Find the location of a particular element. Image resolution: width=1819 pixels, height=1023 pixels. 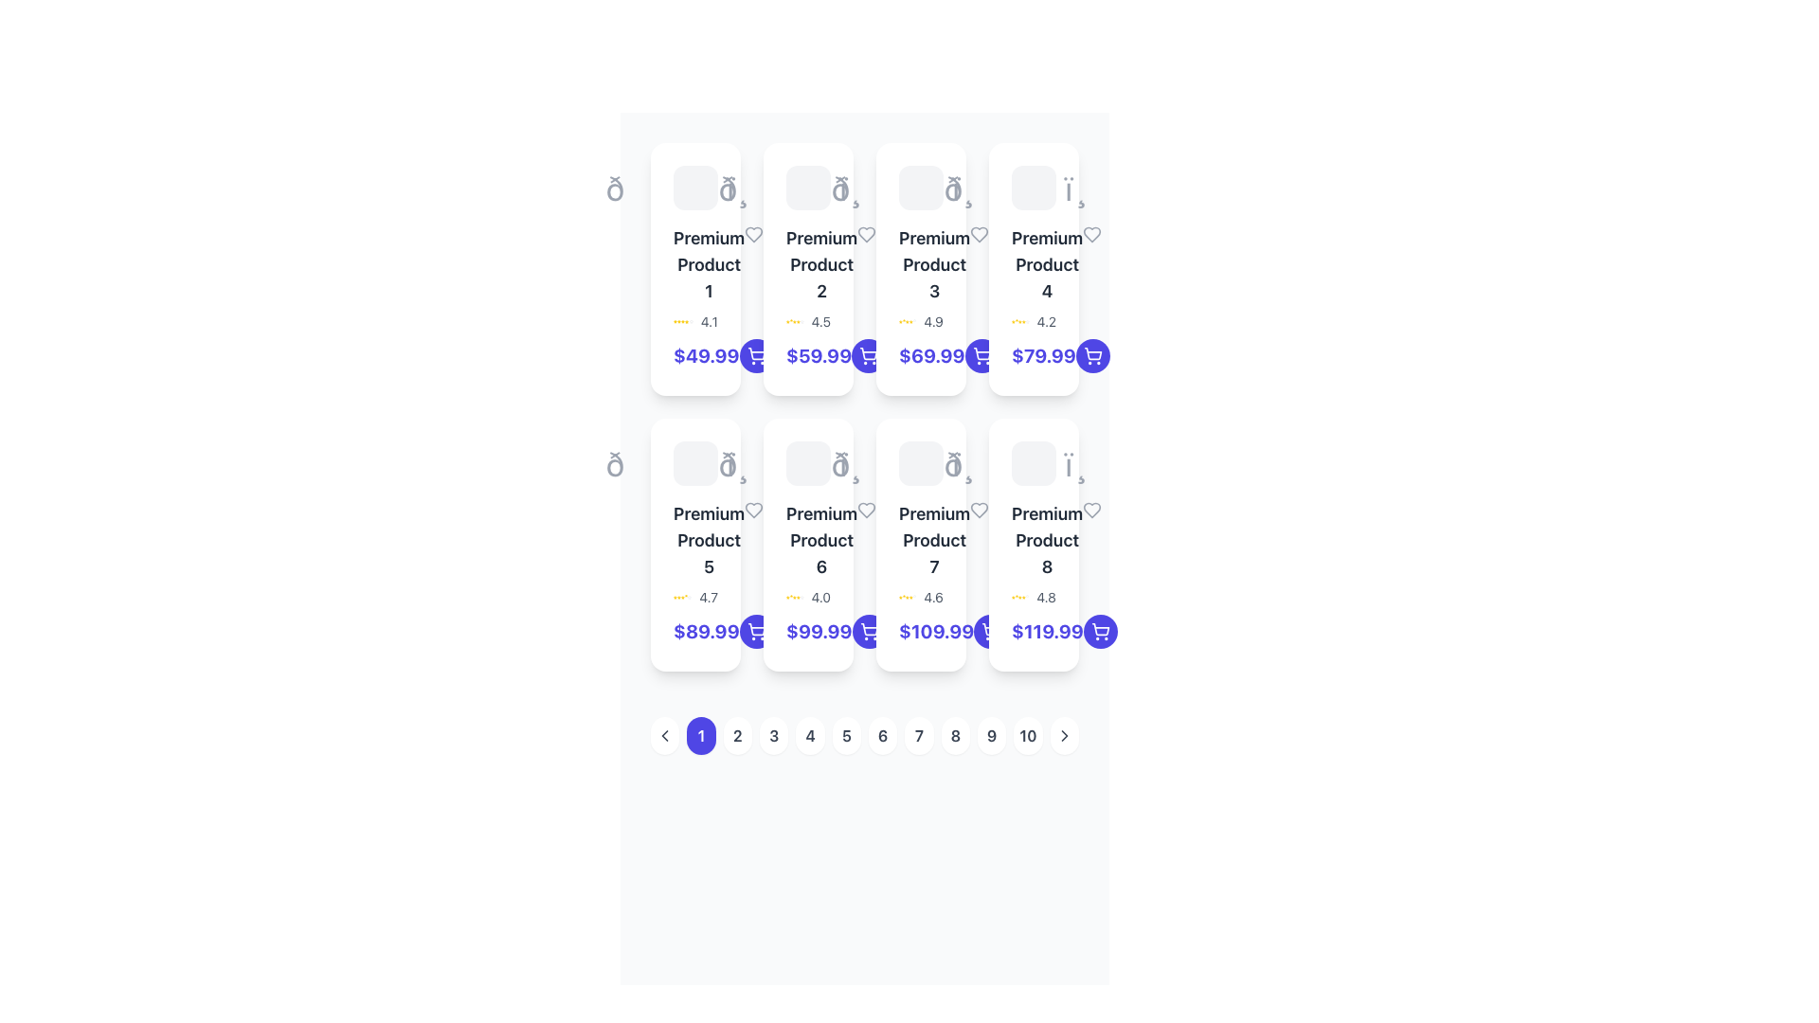

the circular interactive button with a shopping cart icon on a purple background, located at the bottom-right corner of the 'Premium Product 1' card is located at coordinates (755, 355).